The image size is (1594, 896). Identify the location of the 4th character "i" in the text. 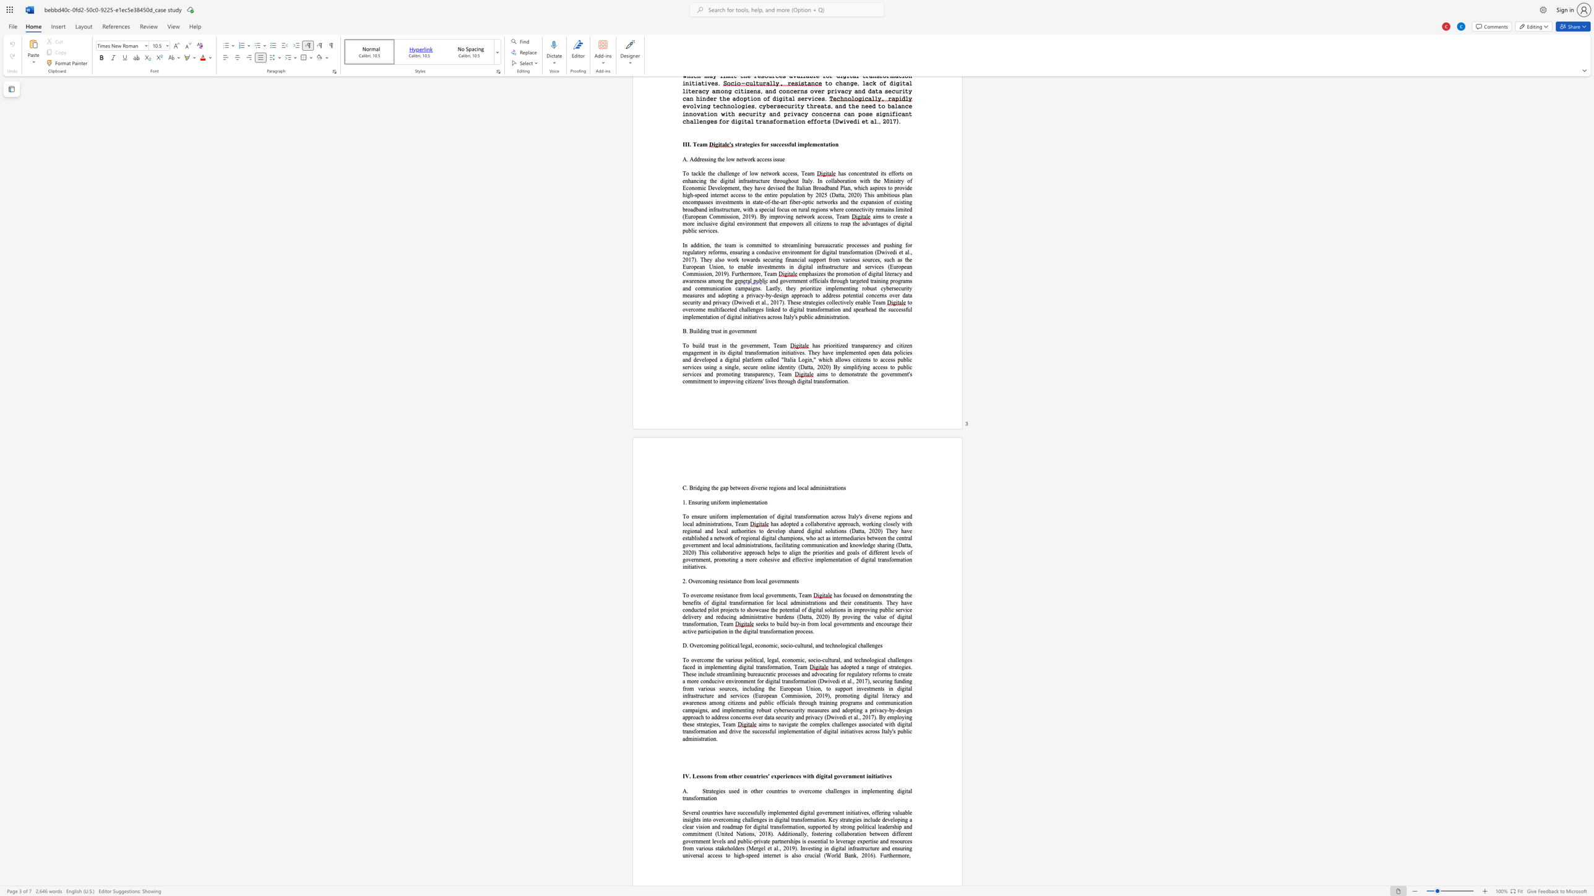
(828, 553).